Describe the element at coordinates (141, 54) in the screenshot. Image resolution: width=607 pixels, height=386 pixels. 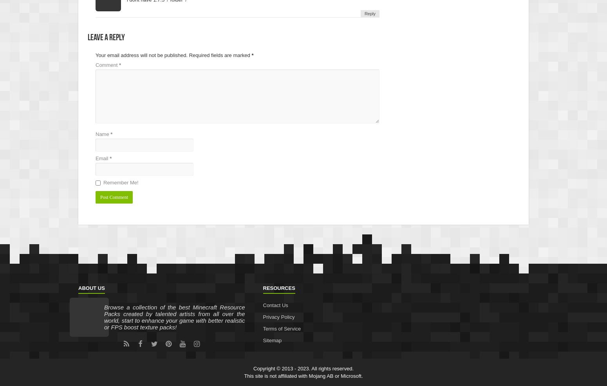
I see `'Your email address will not be published.'` at that location.